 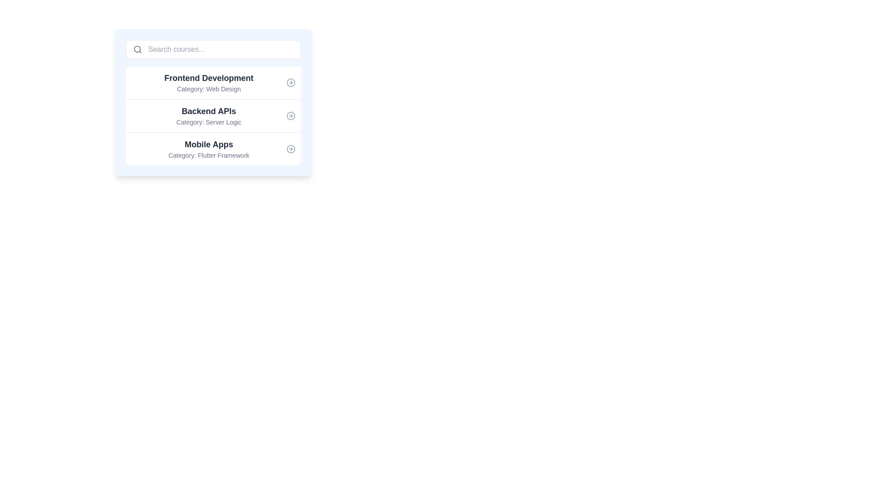 I want to click on the text label displaying 'Category: Web Design', which is located directly below 'Frontend Development' and is shown in small gray font, so click(x=208, y=89).